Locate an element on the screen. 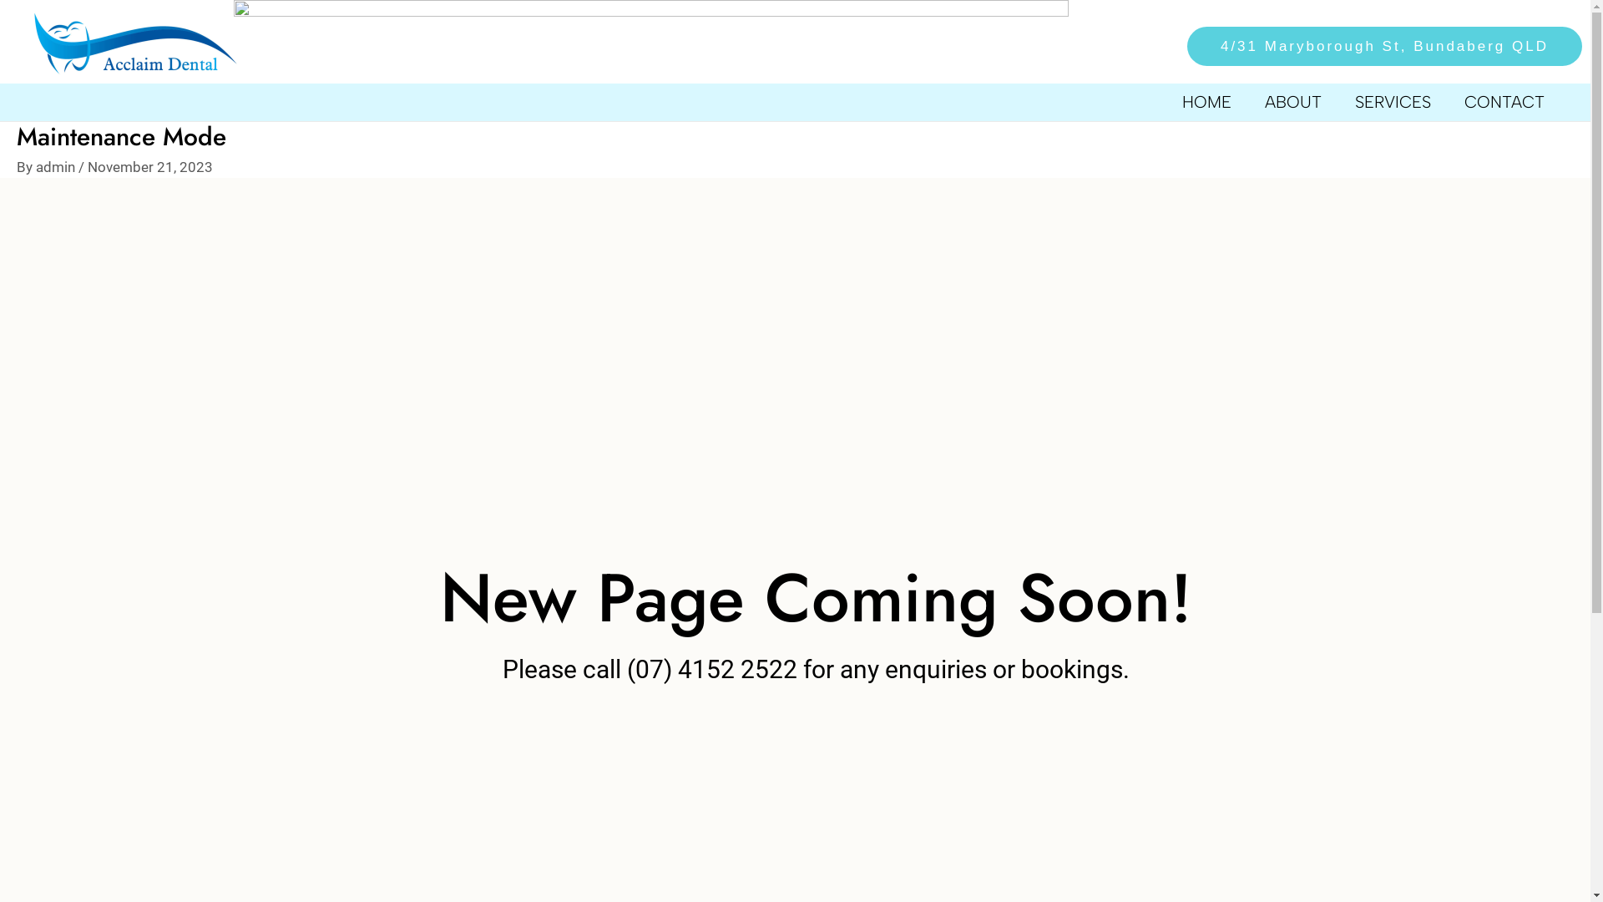 Image resolution: width=1603 pixels, height=902 pixels. '4/31 Maryborough St, Bundaberg QLD' is located at coordinates (1374, 45).